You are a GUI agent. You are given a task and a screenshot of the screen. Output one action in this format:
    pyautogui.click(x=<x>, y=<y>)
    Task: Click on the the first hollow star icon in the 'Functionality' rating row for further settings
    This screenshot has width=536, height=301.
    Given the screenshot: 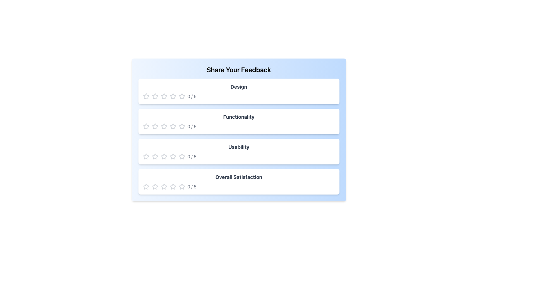 What is the action you would take?
    pyautogui.click(x=155, y=126)
    